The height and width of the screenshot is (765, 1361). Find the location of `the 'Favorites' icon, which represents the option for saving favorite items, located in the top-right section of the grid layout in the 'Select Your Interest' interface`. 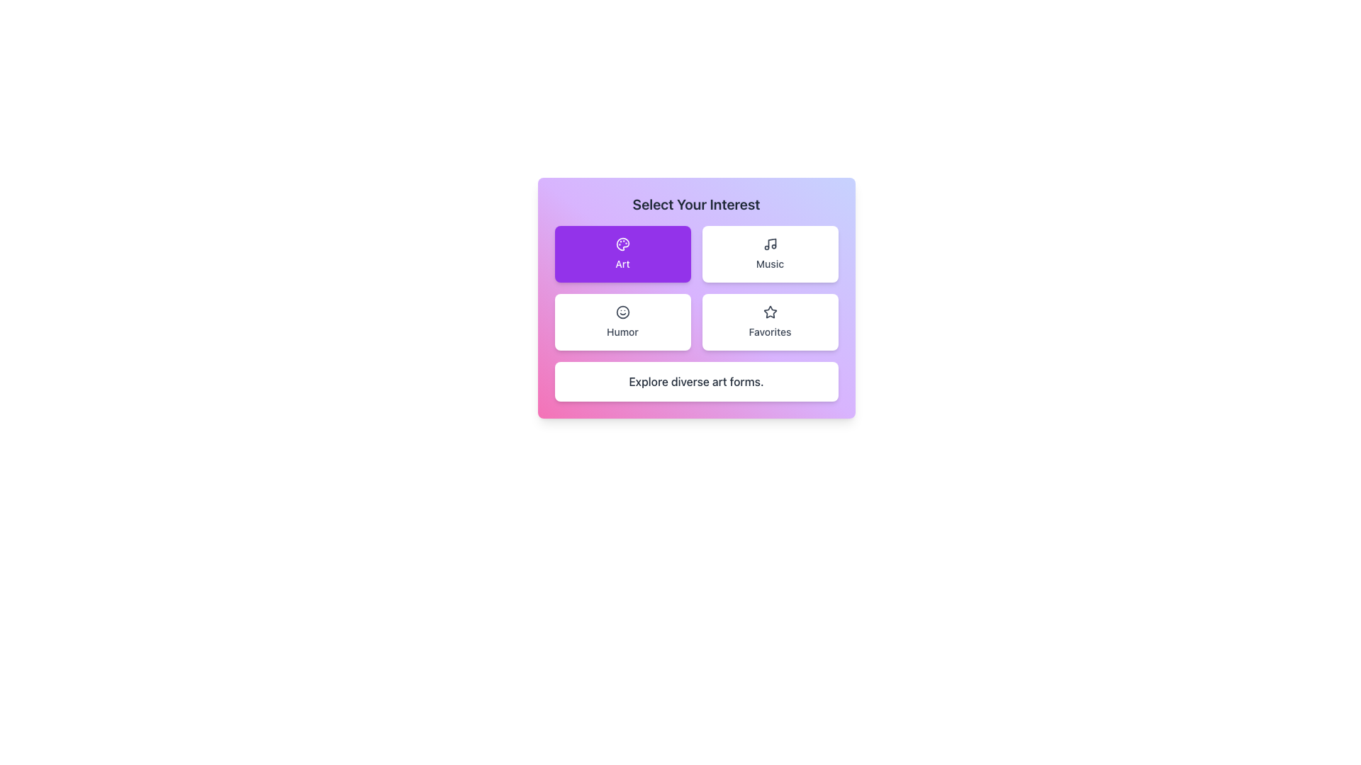

the 'Favorites' icon, which represents the option for saving favorite items, located in the top-right section of the grid layout in the 'Select Your Interest' interface is located at coordinates (768, 310).